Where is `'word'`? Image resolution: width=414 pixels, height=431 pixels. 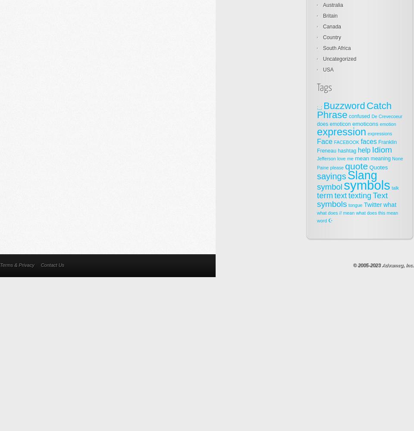 'word' is located at coordinates (321, 221).